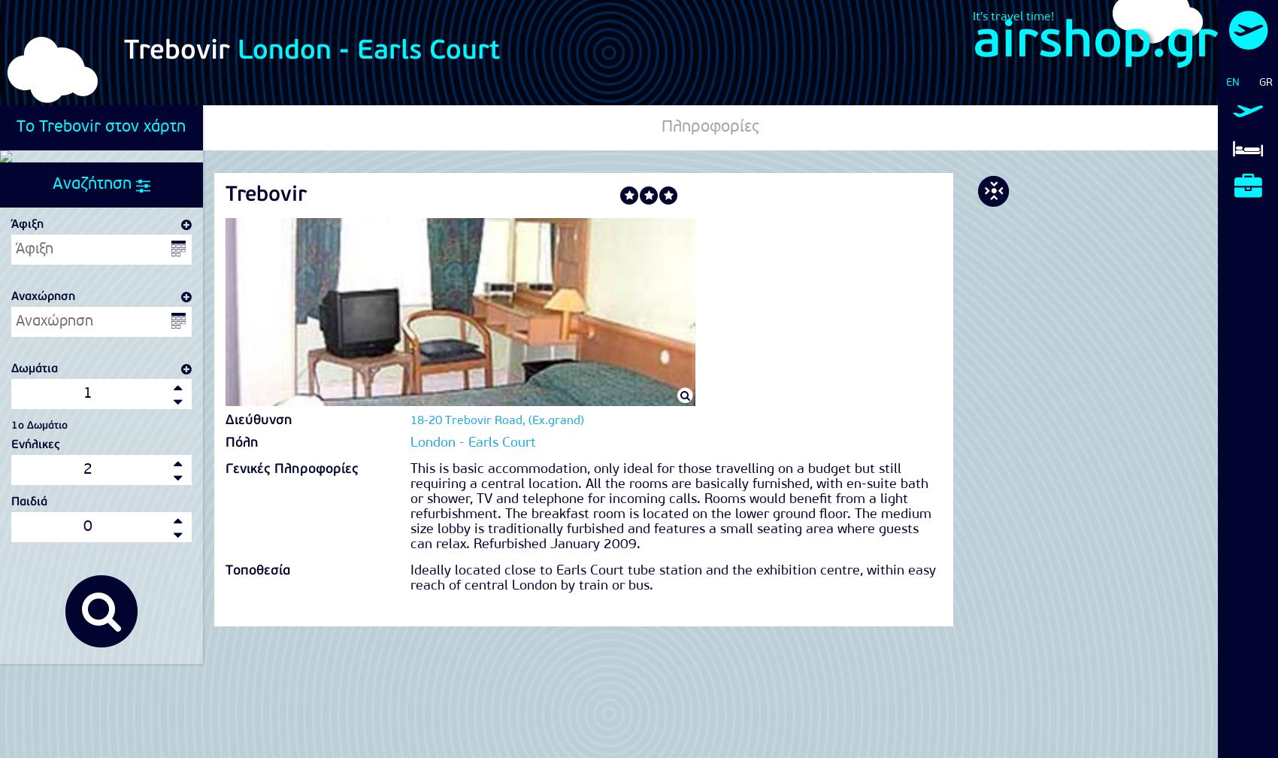 The width and height of the screenshot is (1278, 758). I want to click on 'Το Trebovir στον χάρτη', so click(100, 126).